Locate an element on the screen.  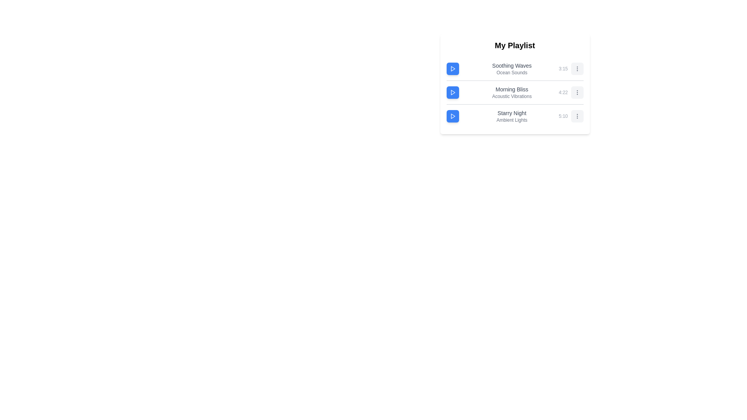
the static text label displaying '5:10', which indicates the duration of the 'Starry Night' track in the 'My Playlist' list is located at coordinates (563, 116).